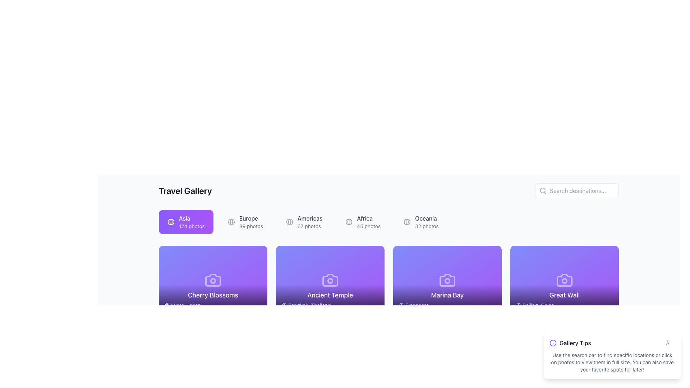 The height and width of the screenshot is (388, 690). I want to click on the maximize button located at the top-right corner of the 'Cherry Blossoms' content card, so click(255, 257).